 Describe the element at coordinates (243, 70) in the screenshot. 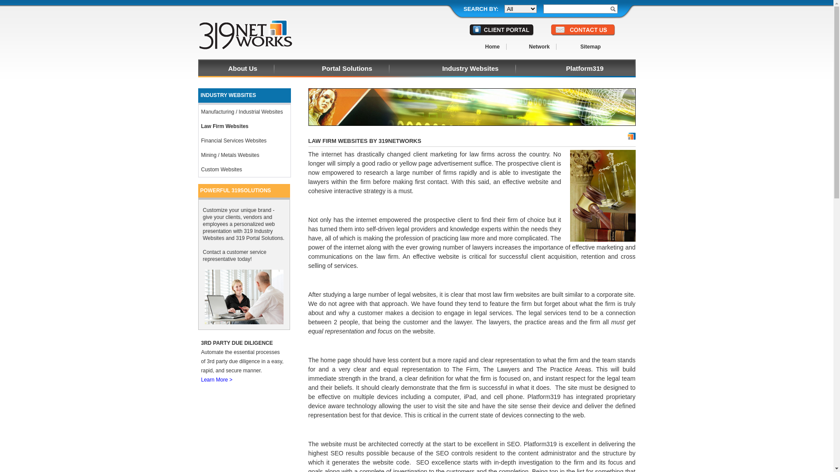

I see `'About Us'` at that location.